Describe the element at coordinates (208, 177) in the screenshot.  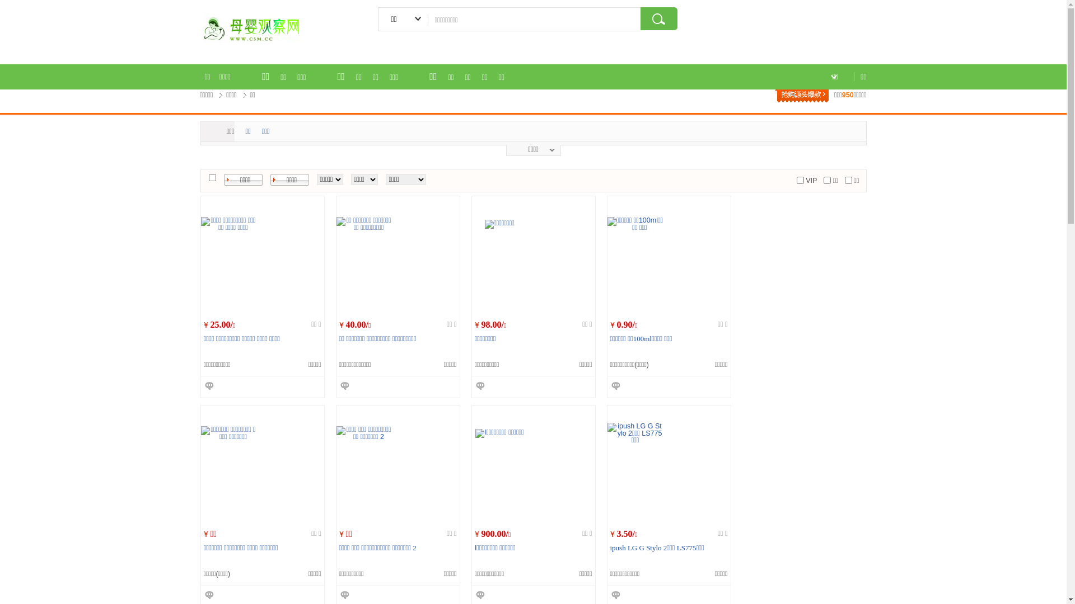
I see `'on'` at that location.